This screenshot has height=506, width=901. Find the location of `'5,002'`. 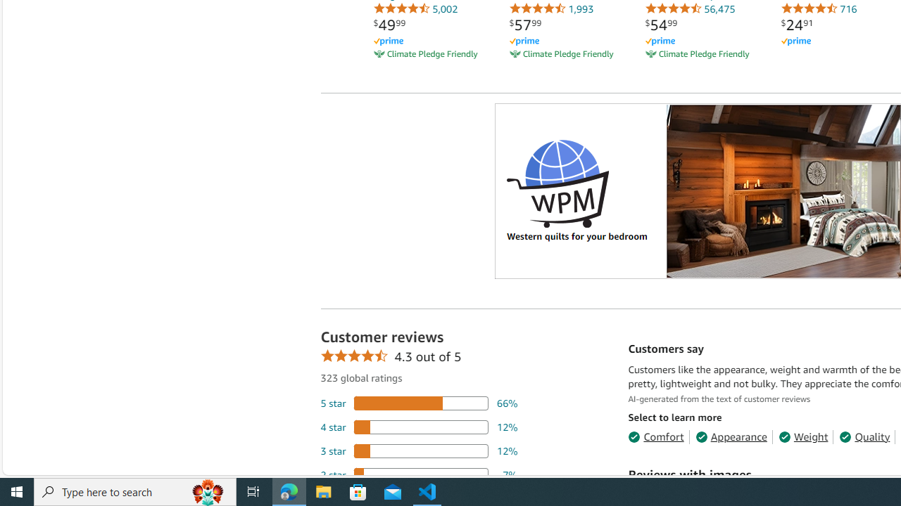

'5,002' is located at coordinates (415, 8).